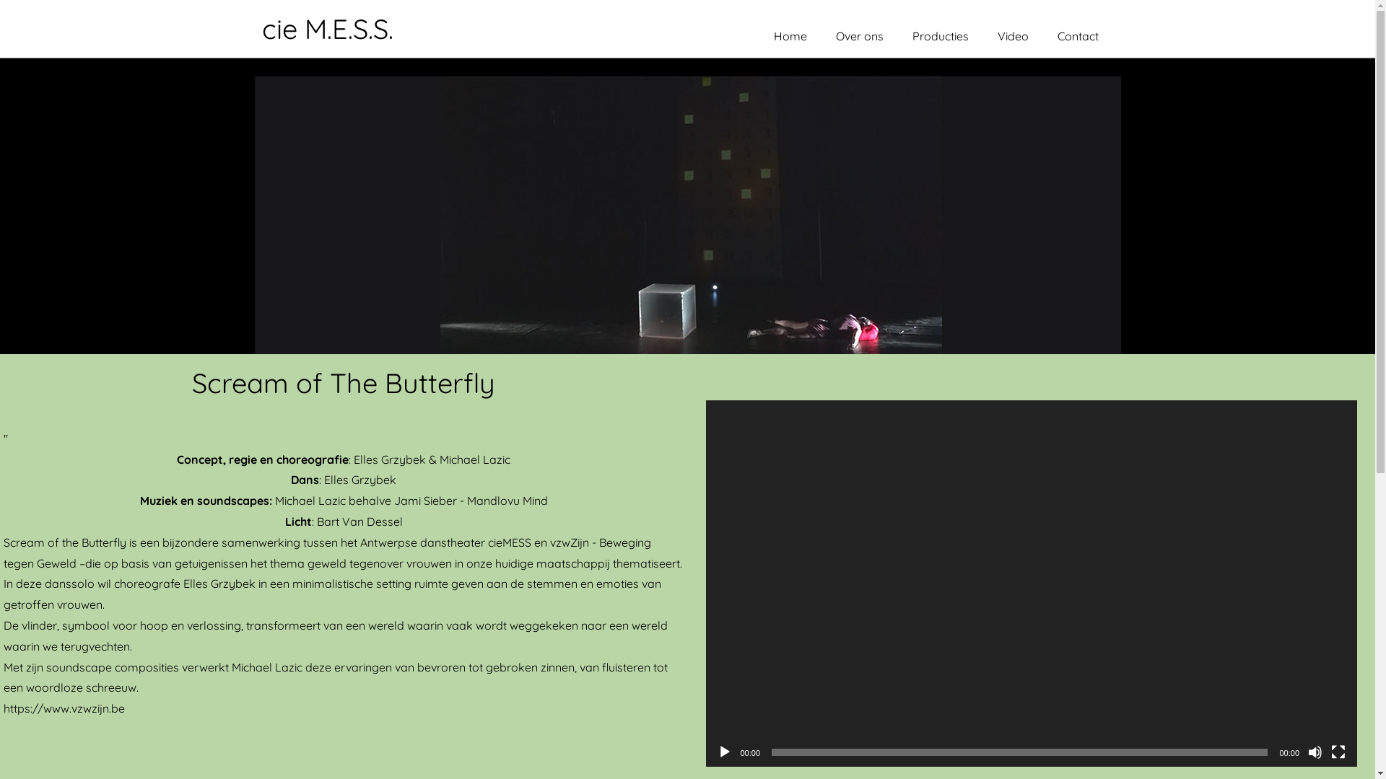 The width and height of the screenshot is (1386, 779). What do you see at coordinates (724, 751) in the screenshot?
I see `'Afspelen'` at bounding box center [724, 751].